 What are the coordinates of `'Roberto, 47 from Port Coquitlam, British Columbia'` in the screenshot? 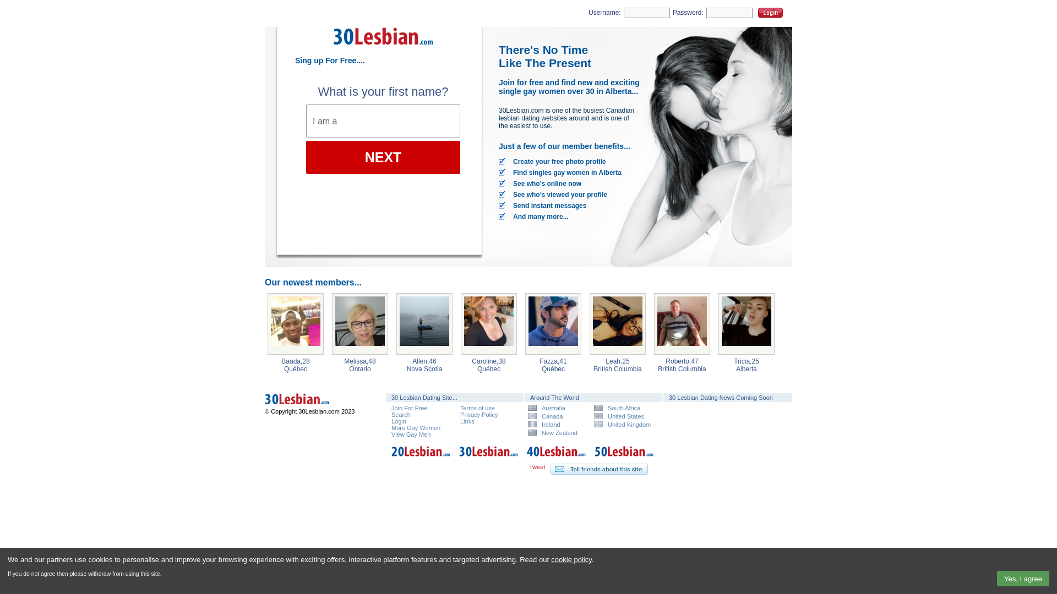 It's located at (681, 323).